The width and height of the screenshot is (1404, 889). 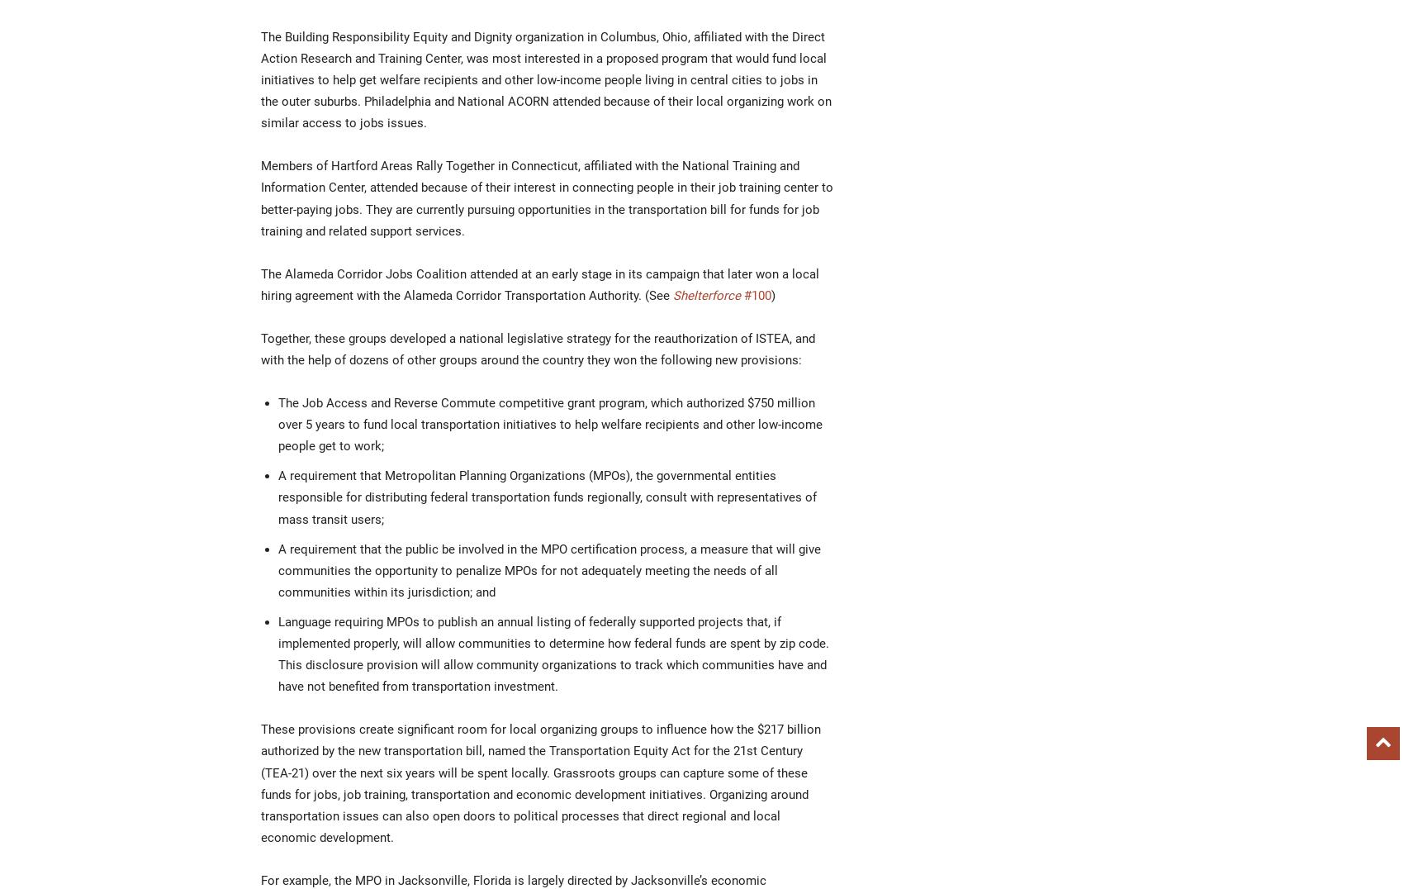 I want to click on 'A requirement that the public be involved in the MPO certification process, a measure that will give communities the opportunity to penalize MPOs for not adequately meeting the needs of all communities within its jurisdiction; and', so click(x=549, y=570).